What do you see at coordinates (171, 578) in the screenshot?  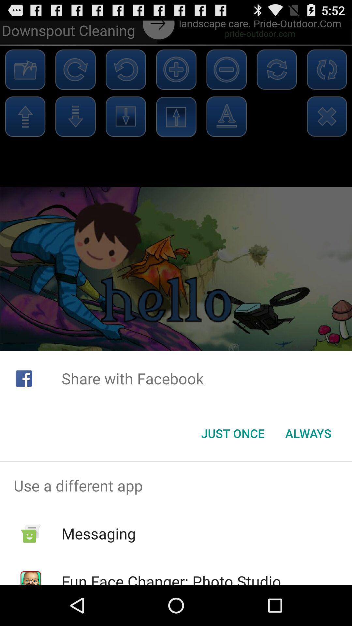 I see `fun face changer app` at bounding box center [171, 578].